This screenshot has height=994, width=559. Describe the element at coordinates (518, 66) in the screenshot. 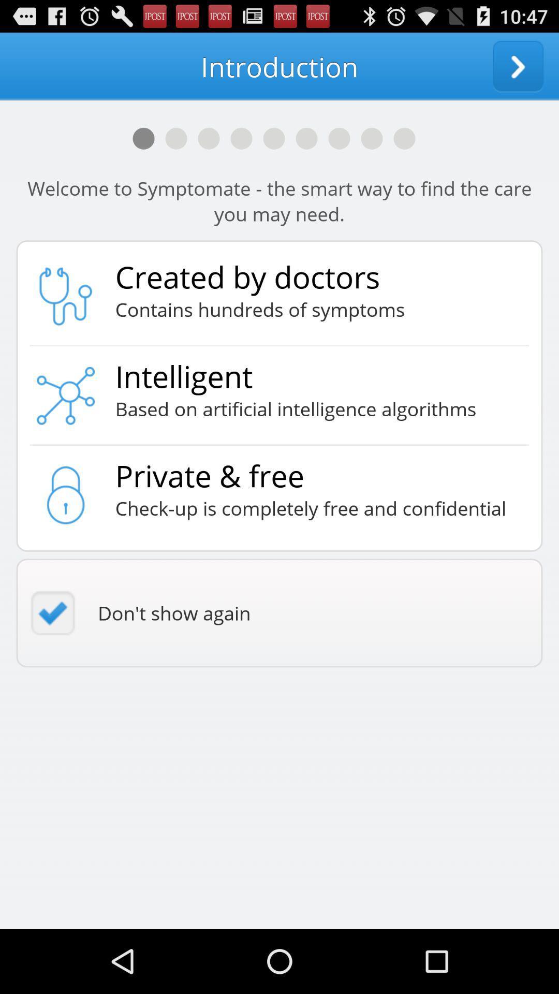

I see `icon at the top right corner` at that location.